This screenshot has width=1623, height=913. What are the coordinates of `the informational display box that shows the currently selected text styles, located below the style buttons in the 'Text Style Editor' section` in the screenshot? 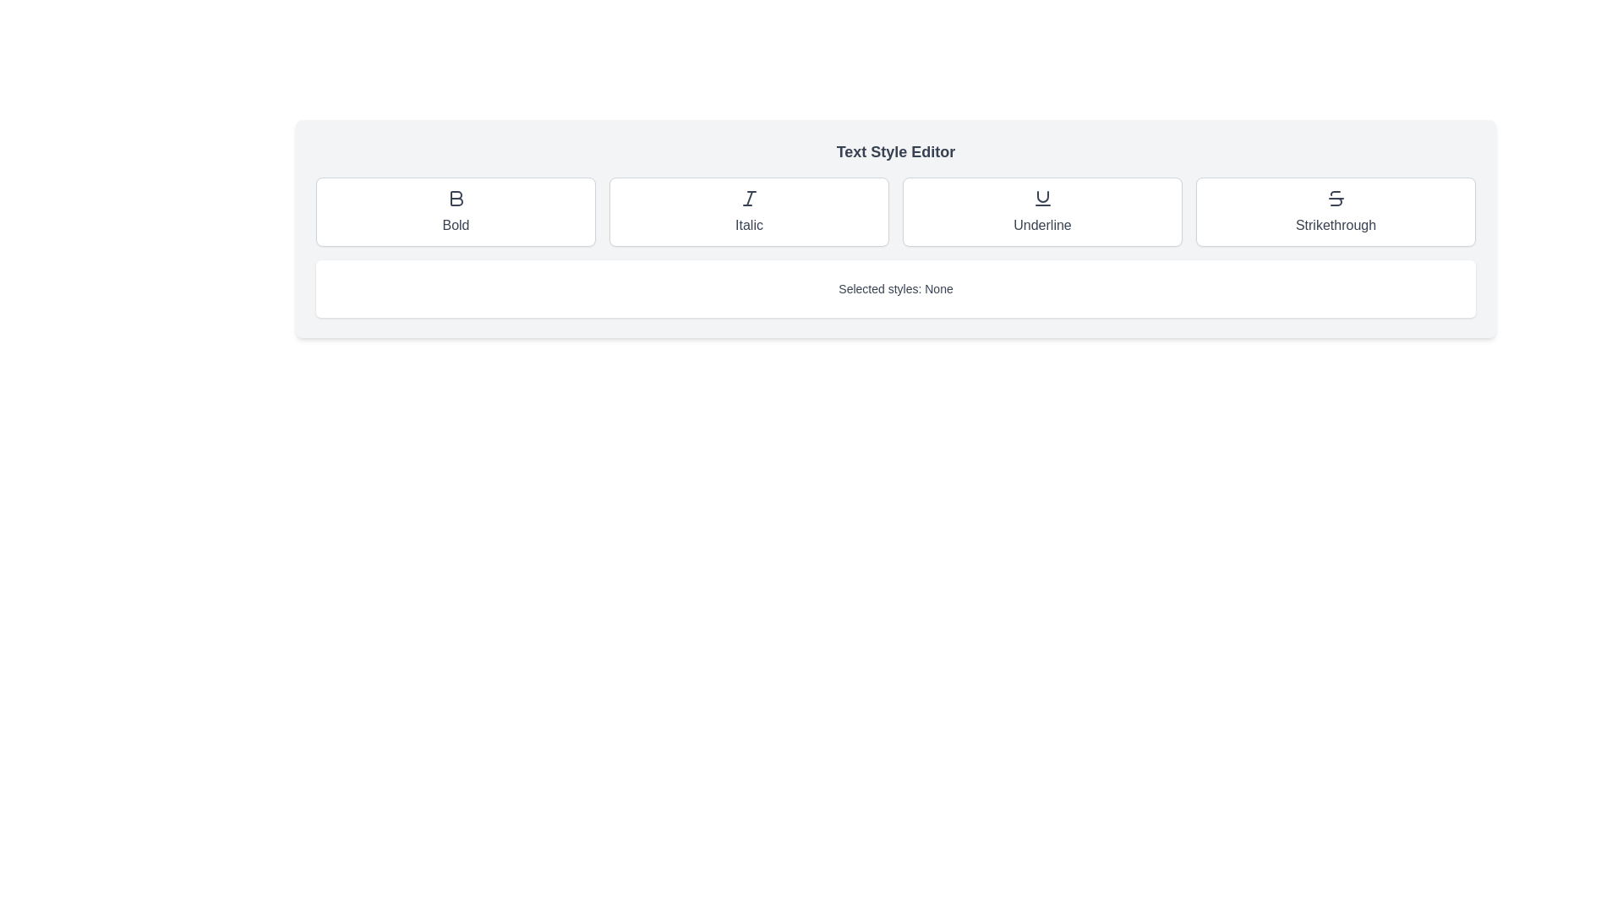 It's located at (895, 288).